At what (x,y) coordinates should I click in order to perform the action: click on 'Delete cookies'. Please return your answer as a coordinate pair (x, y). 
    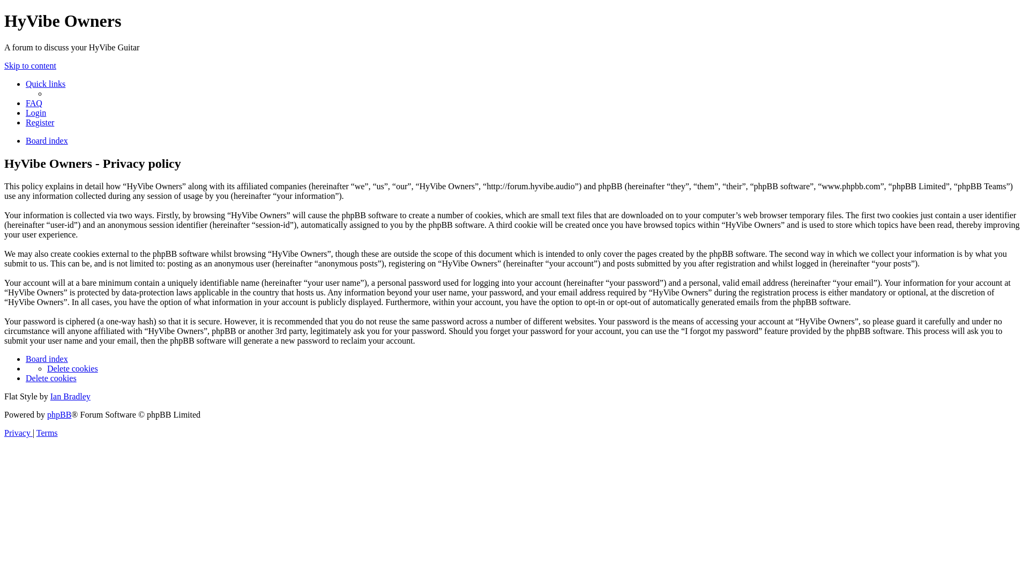
    Looking at the image, I should click on (72, 368).